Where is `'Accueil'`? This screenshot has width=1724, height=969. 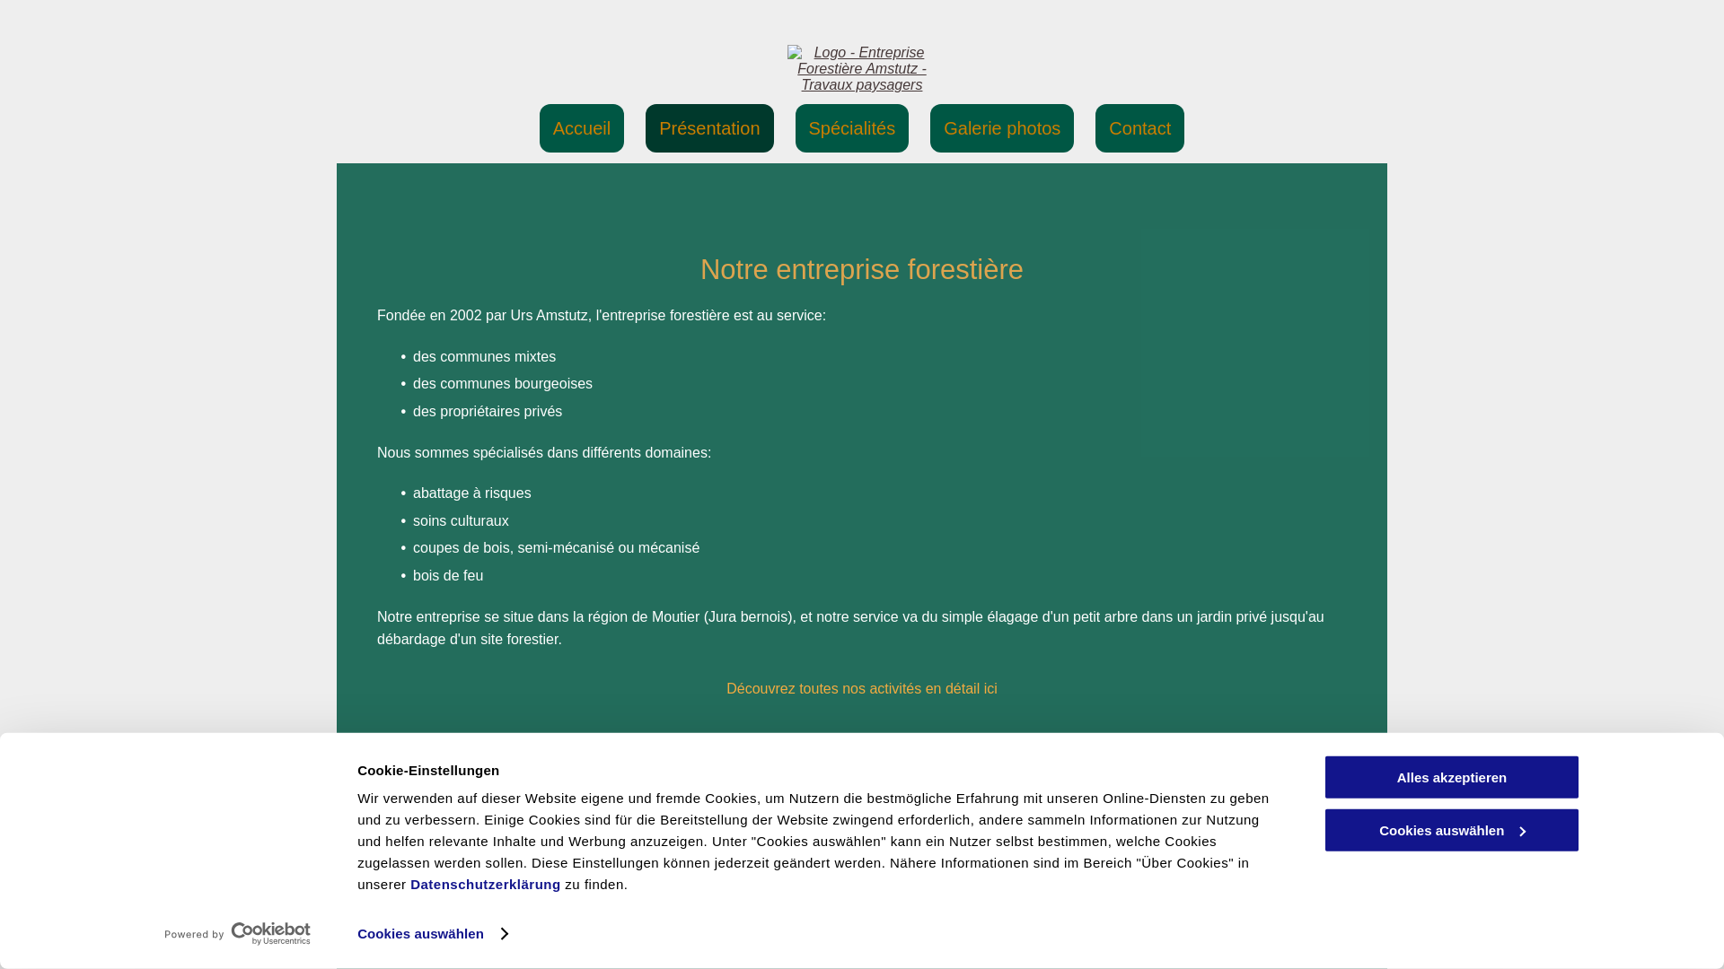
'Accueil' is located at coordinates (582, 127).